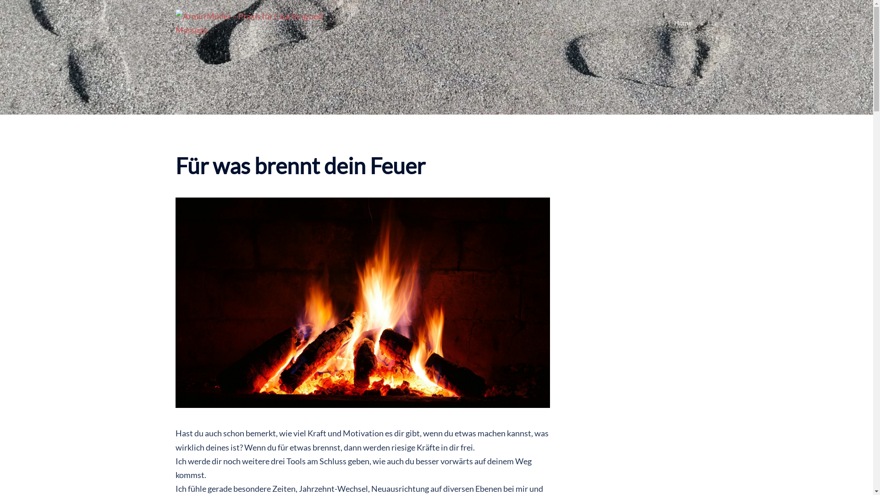 This screenshot has height=495, width=880. I want to click on 'Home', so click(673, 22).